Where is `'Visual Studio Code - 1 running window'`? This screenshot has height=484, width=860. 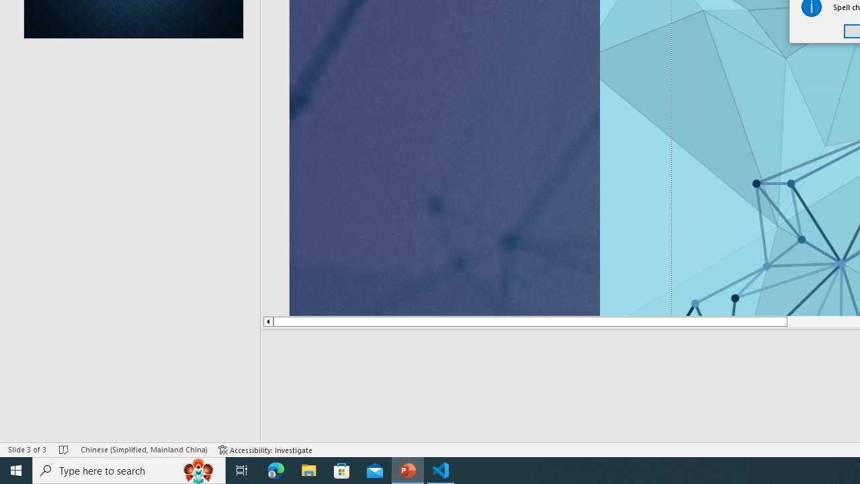
'Visual Studio Code - 1 running window' is located at coordinates (441, 469).